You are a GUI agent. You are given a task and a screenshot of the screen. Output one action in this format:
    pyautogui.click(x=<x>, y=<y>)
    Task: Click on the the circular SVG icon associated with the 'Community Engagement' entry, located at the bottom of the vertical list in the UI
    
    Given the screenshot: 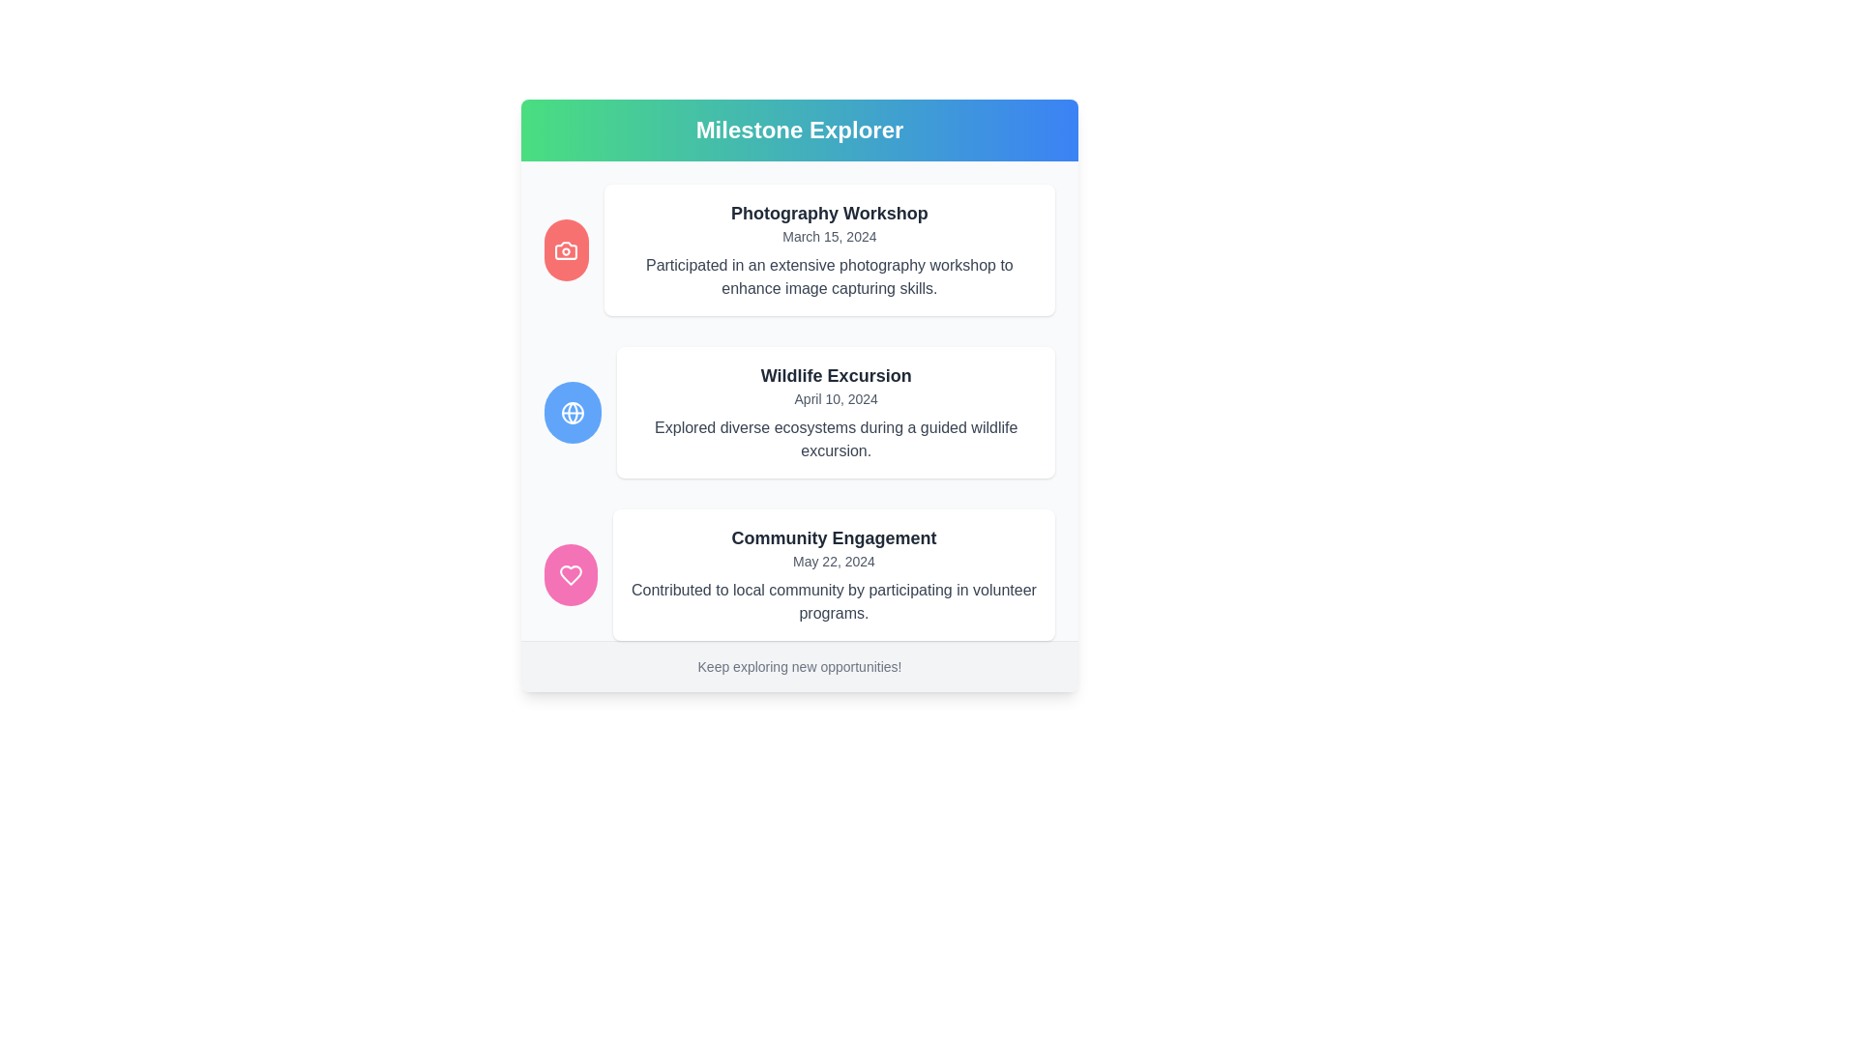 What is the action you would take?
    pyautogui.click(x=570, y=573)
    